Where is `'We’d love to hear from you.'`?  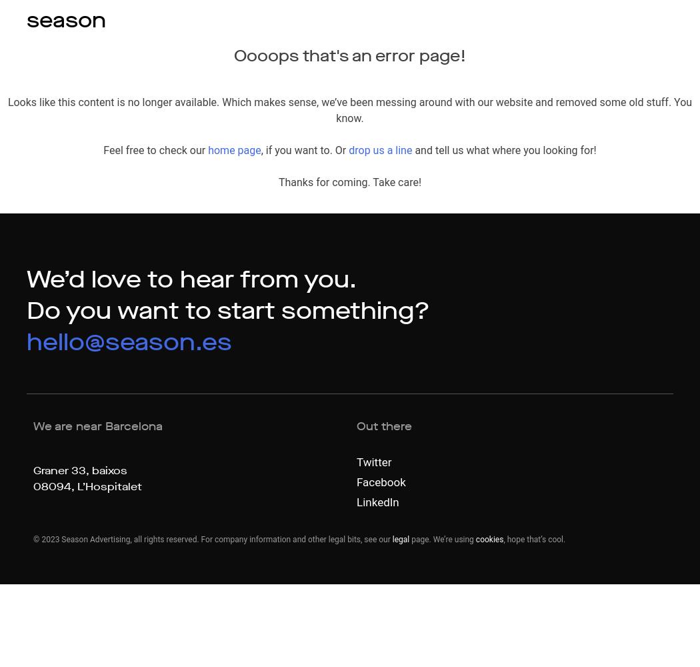
'We’d love to hear from you.' is located at coordinates (191, 279).